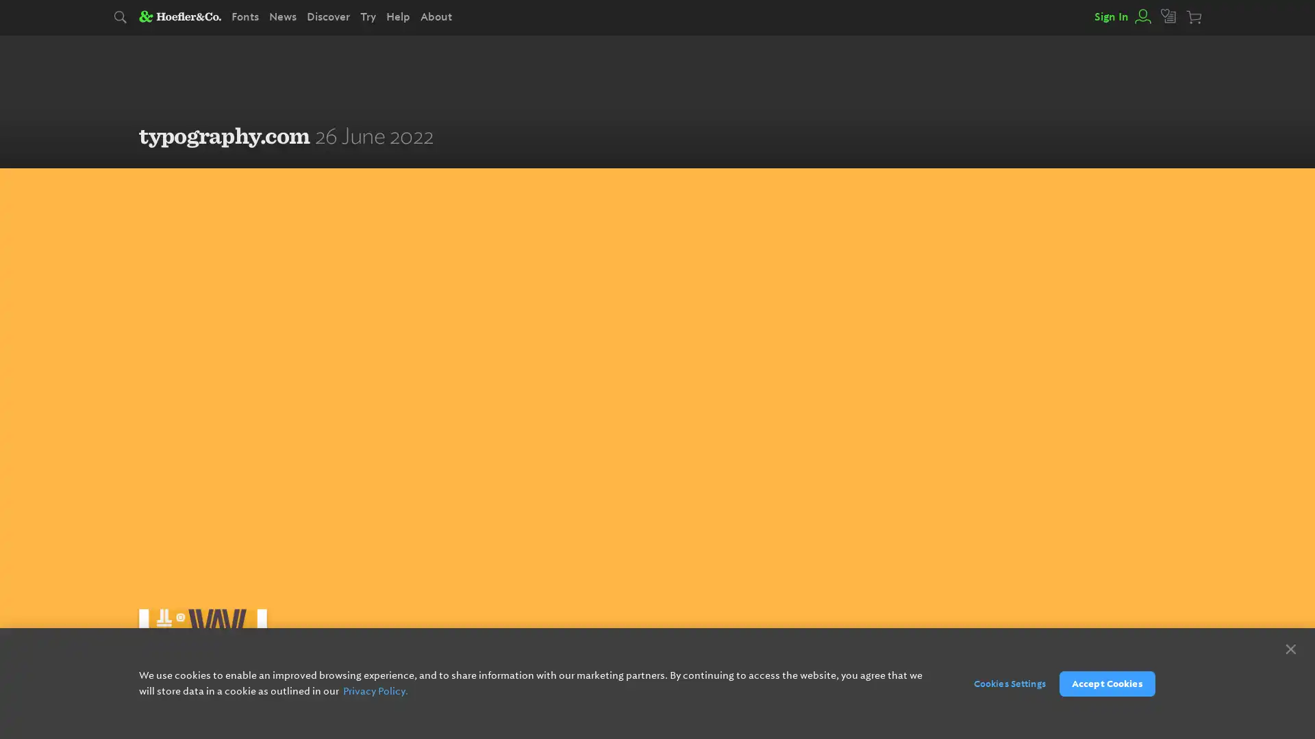 This screenshot has width=1315, height=739. I want to click on Close, so click(1290, 648).